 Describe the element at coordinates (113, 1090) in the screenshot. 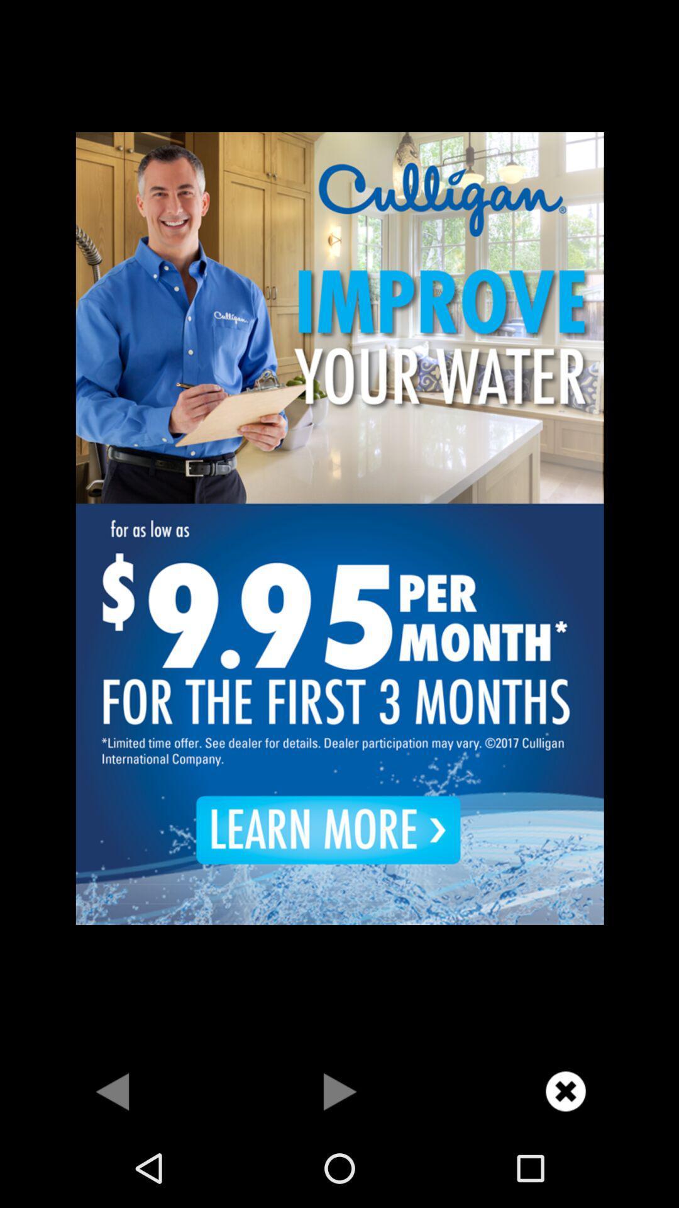

I see `goto next` at that location.